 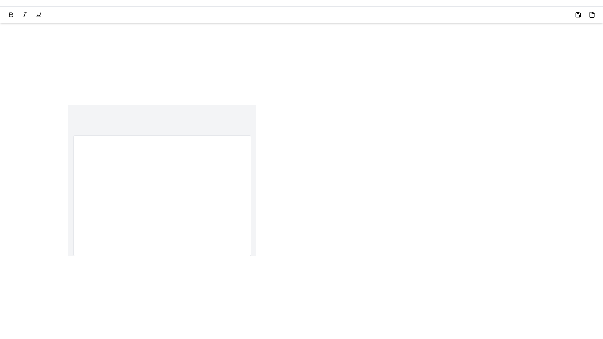 I want to click on the file management icon represented by an SVG element located in the top-right corner of the interface, so click(x=592, y=14).